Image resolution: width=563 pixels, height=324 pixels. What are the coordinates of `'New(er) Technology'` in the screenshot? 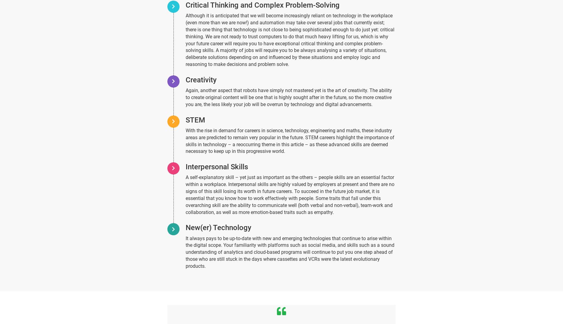 It's located at (218, 227).